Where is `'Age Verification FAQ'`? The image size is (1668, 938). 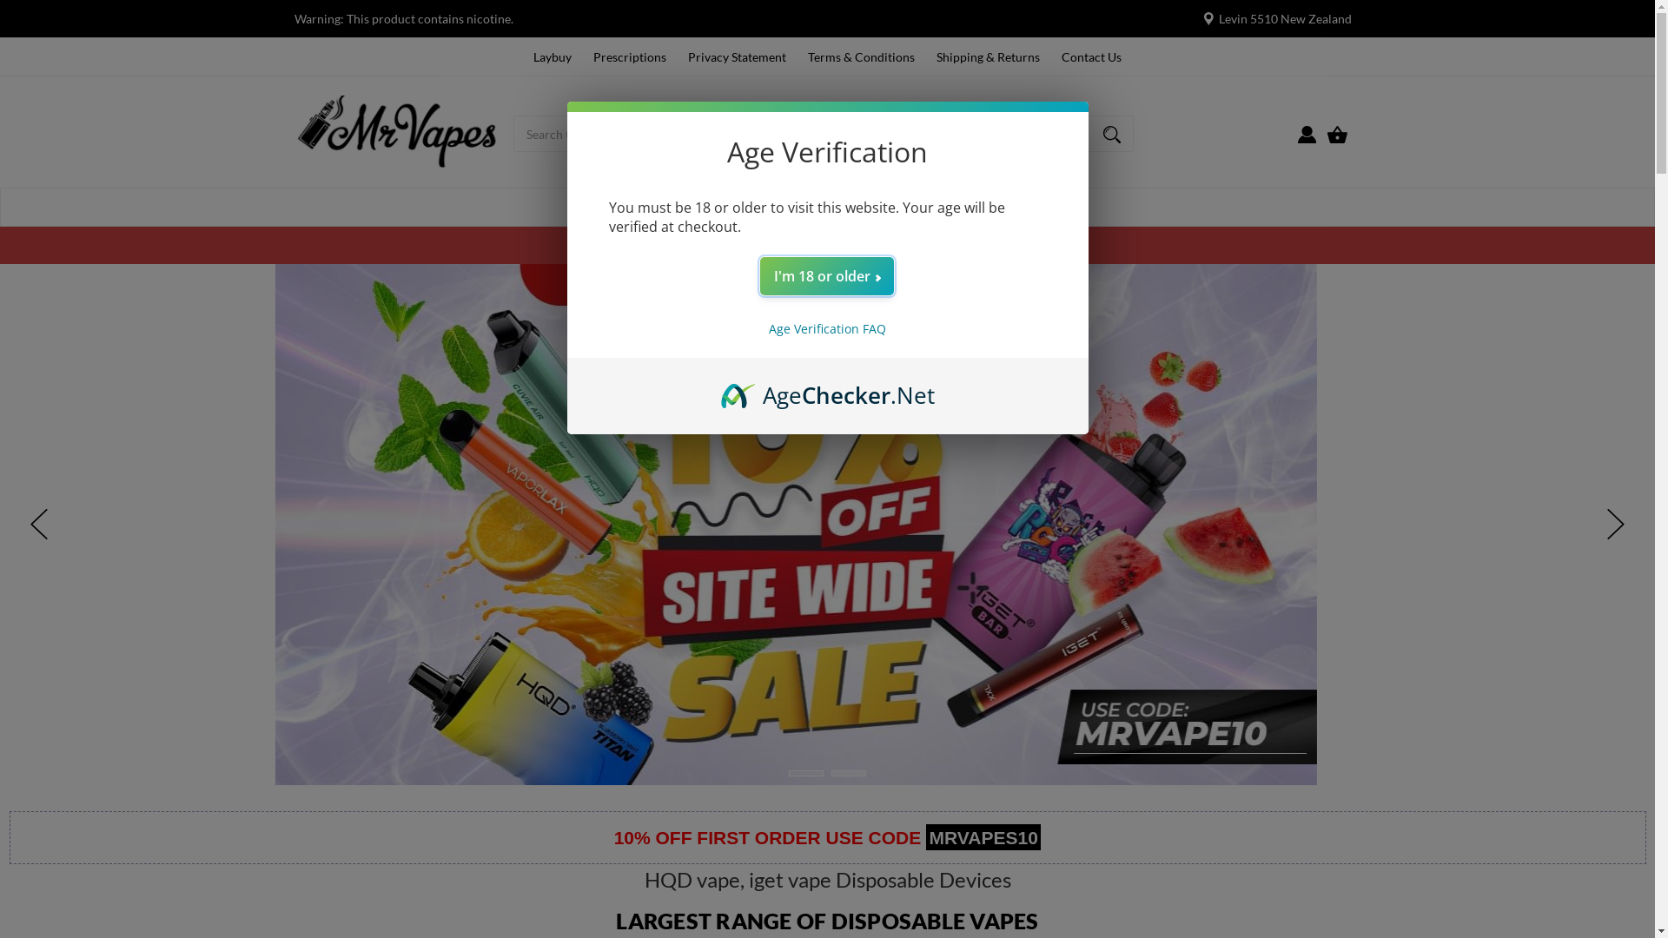
'Age Verification FAQ' is located at coordinates (767, 328).